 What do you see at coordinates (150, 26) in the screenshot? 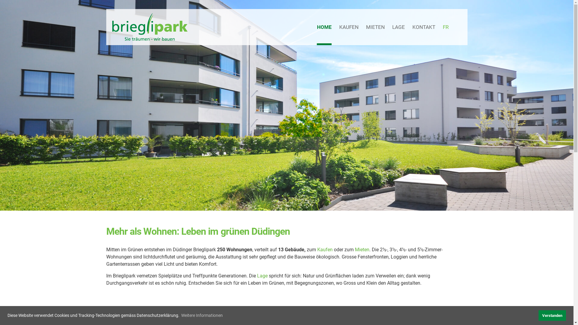
I see `'Brieglipark'` at bounding box center [150, 26].